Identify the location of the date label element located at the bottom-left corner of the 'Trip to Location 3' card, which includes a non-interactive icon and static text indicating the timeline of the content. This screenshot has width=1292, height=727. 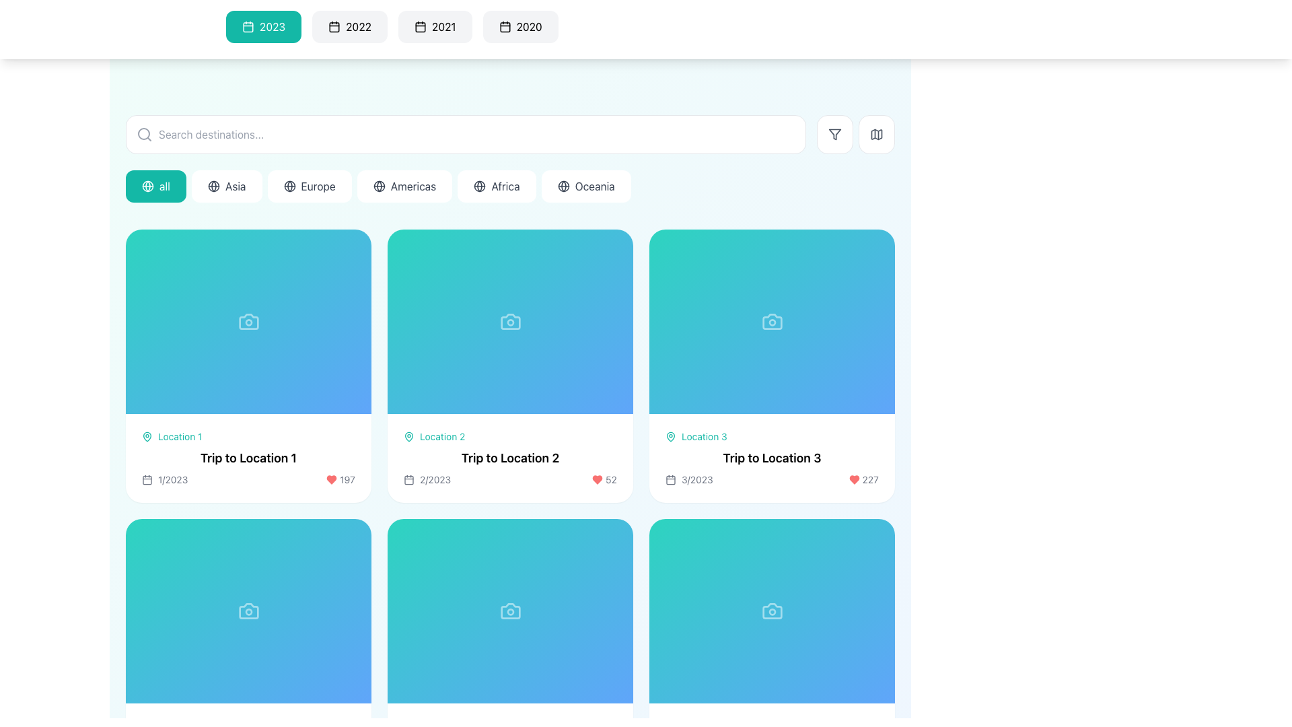
(689, 479).